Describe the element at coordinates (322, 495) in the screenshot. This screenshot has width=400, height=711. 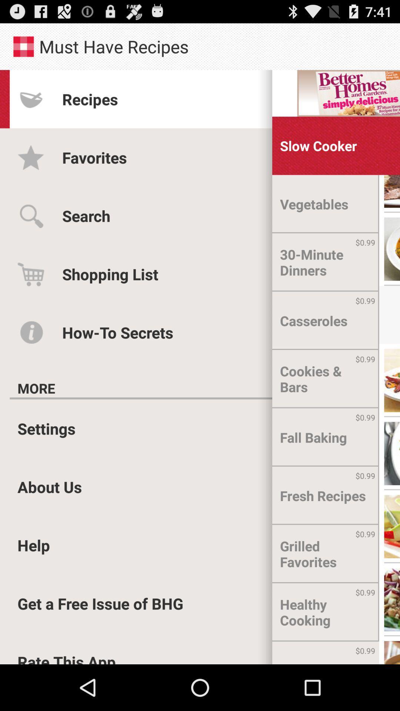
I see `the icon next to the about us item` at that location.